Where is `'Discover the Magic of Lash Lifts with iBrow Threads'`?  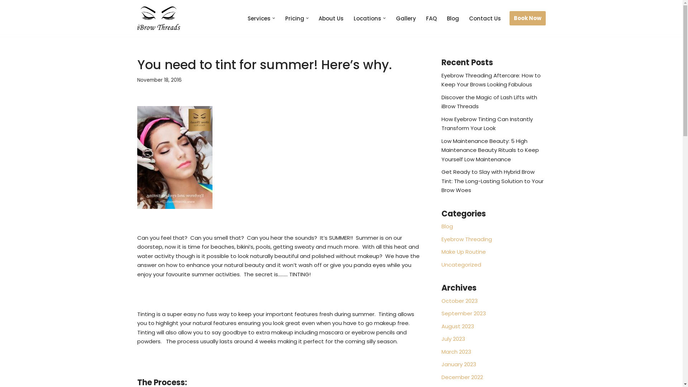
'Discover the Magic of Lash Lifts with iBrow Threads' is located at coordinates (489, 102).